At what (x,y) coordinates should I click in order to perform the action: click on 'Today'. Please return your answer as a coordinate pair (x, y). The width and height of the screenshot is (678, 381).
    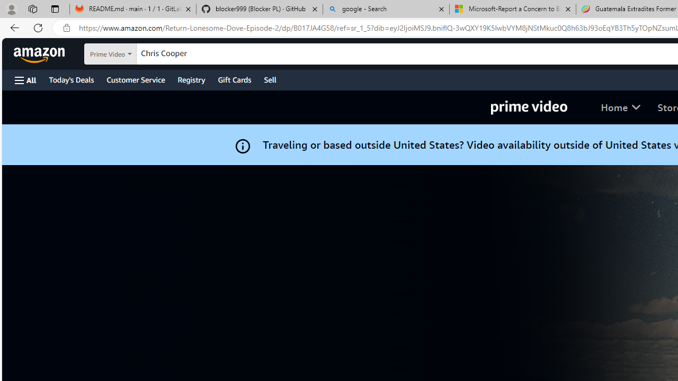
    Looking at the image, I should click on (70, 79).